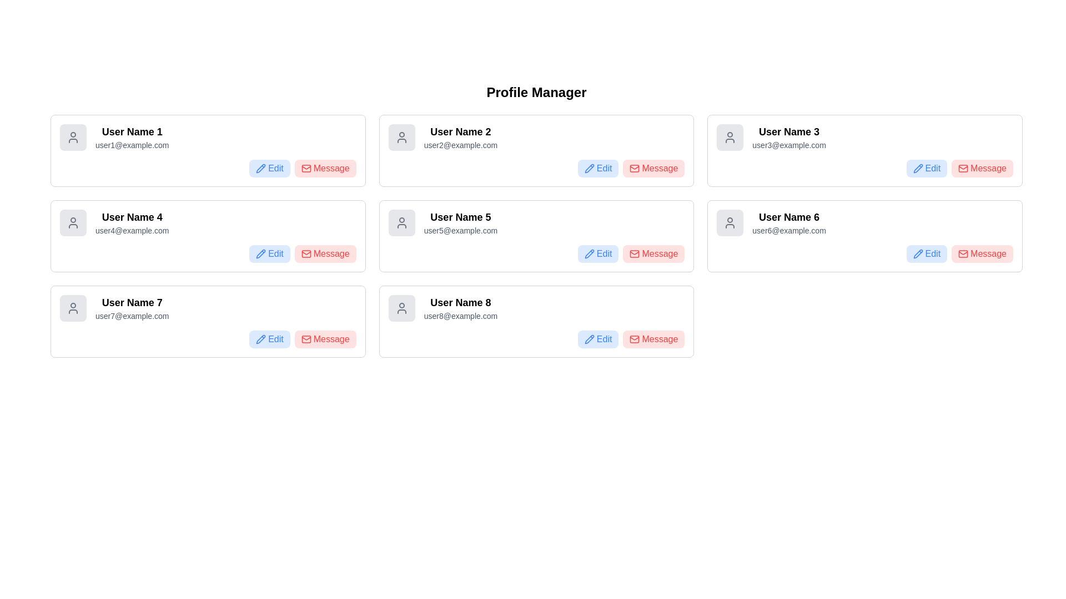 This screenshot has height=599, width=1066. I want to click on the user profile icon, which is a minimalistic SVG representation of a person, located within the profile card of 'User Name 2', so click(401, 136).